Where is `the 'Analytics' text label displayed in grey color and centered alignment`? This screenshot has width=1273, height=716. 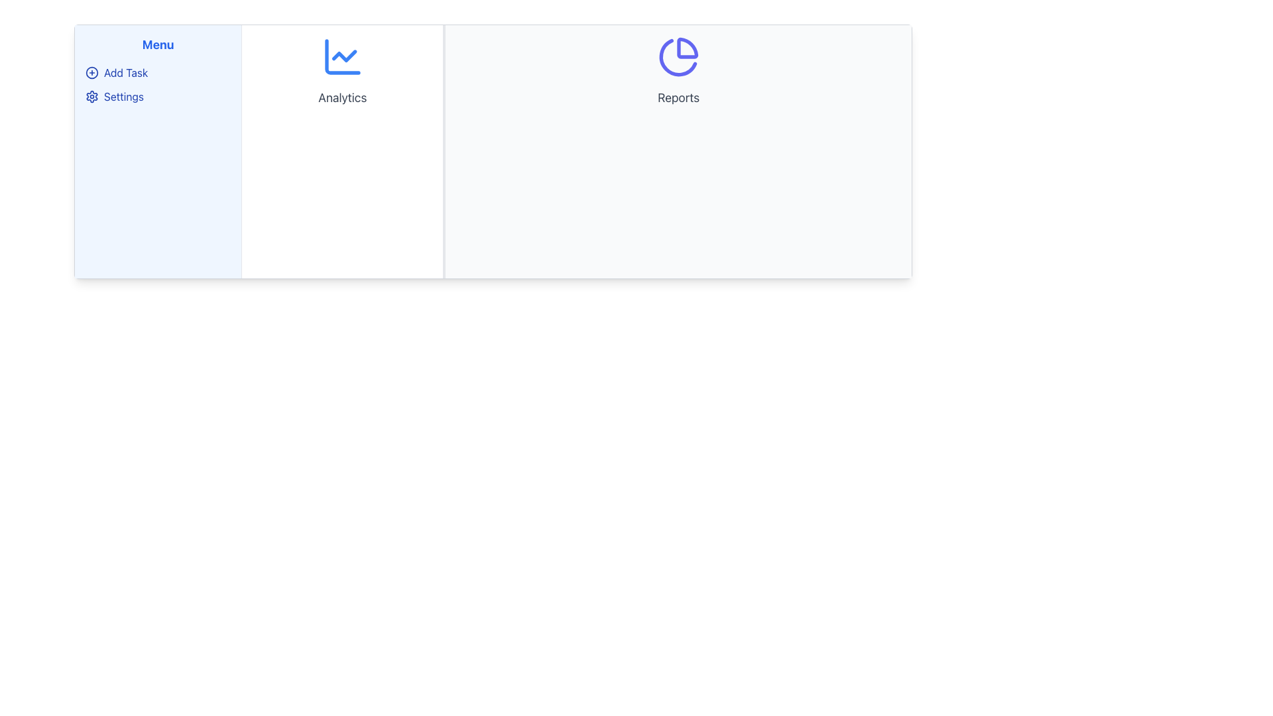
the 'Analytics' text label displayed in grey color and centered alignment is located at coordinates (342, 97).